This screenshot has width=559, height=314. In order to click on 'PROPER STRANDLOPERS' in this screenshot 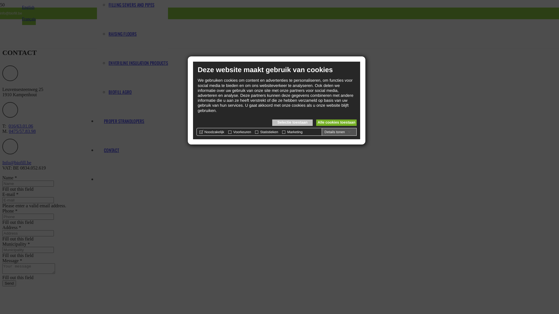, I will do `click(124, 121)`.